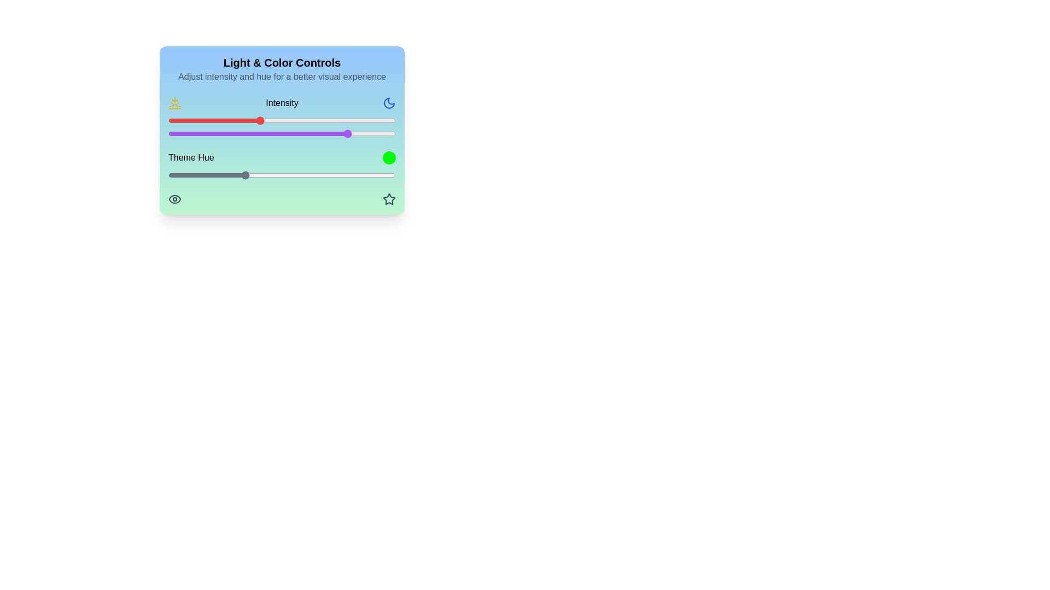 The image size is (1050, 590). I want to click on the slider value, so click(377, 174).